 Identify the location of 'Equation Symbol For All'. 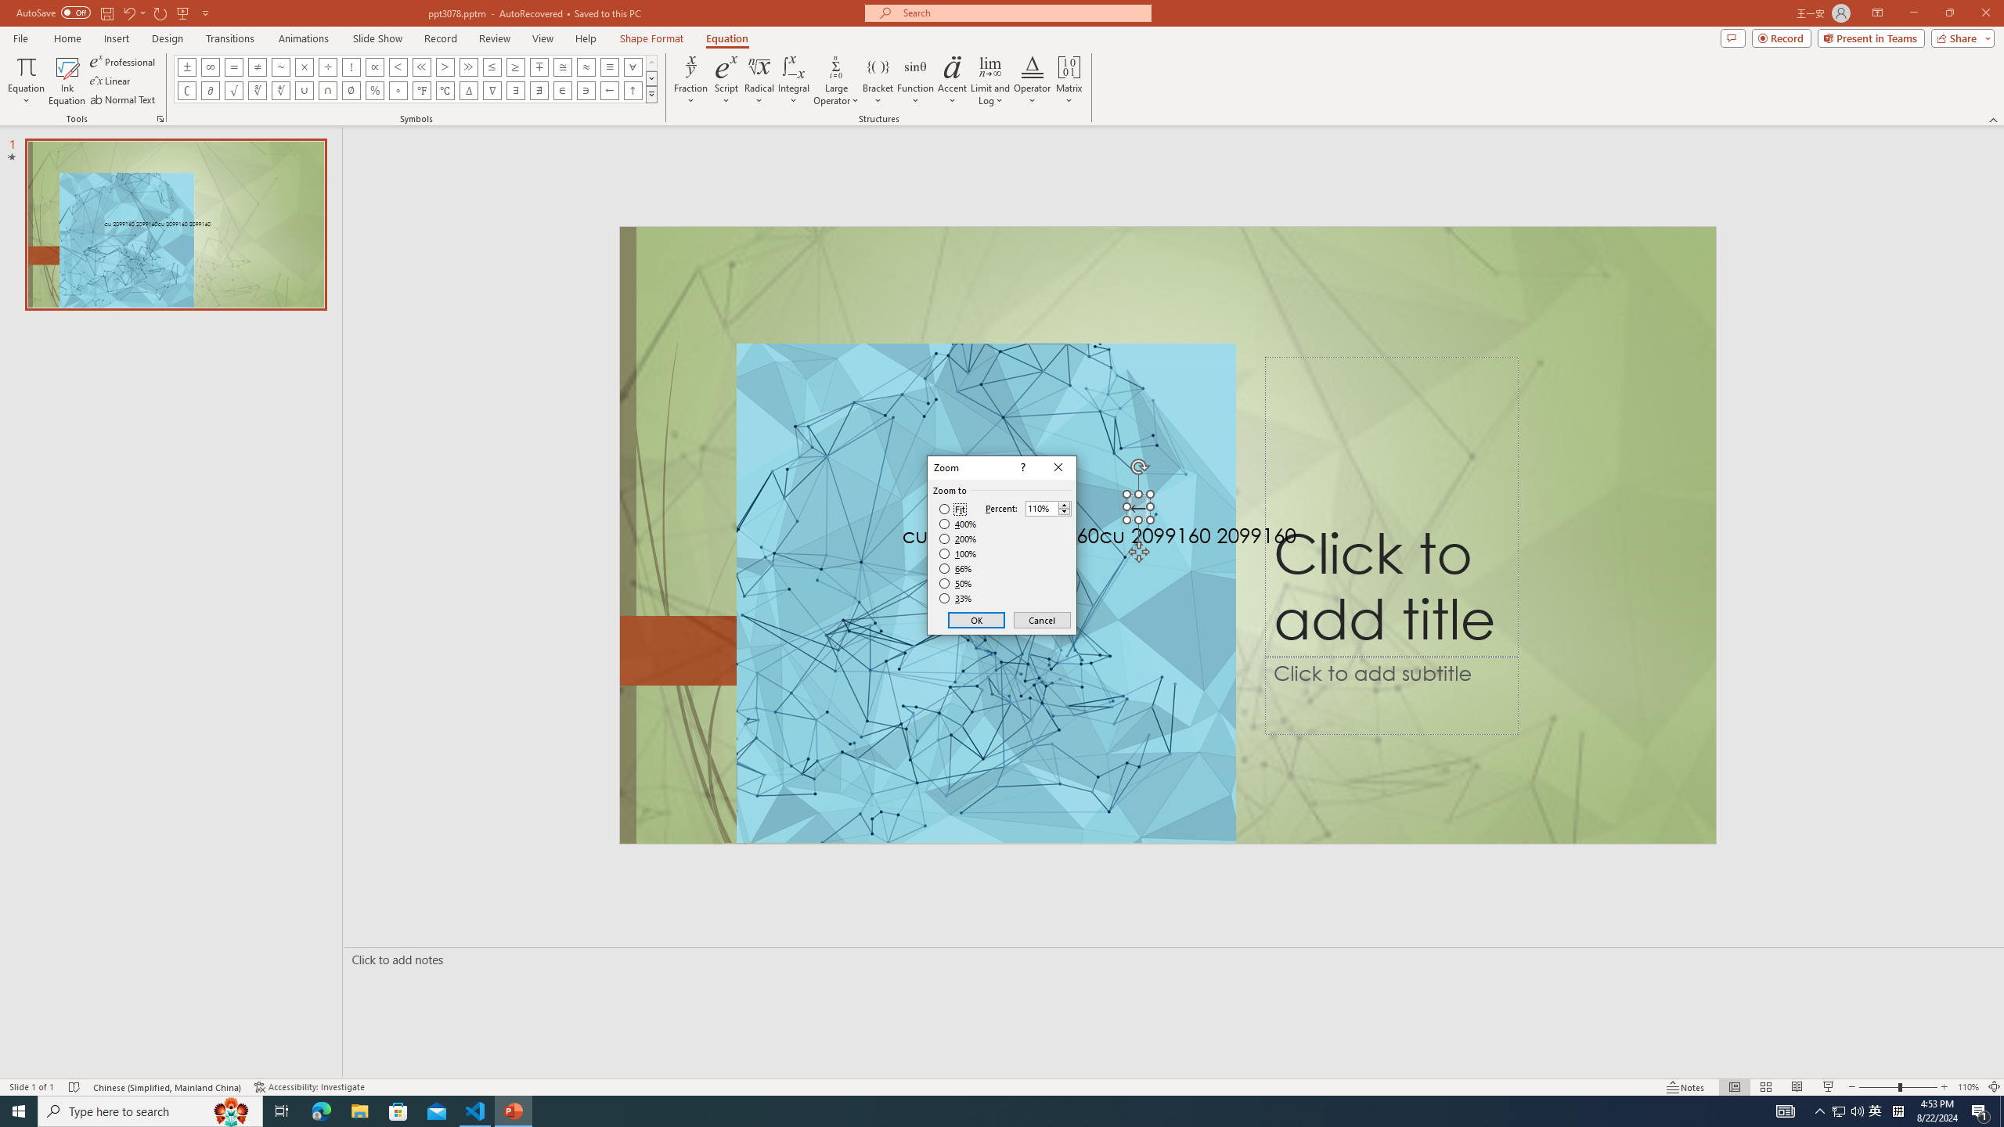
(632, 66).